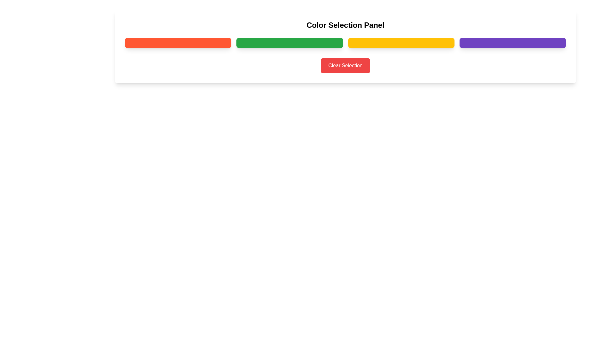  What do you see at coordinates (345, 66) in the screenshot?
I see `the 'Clear Selection' button, which is a rectangular button with white text on a red background, located centrally below the color selection panel` at bounding box center [345, 66].